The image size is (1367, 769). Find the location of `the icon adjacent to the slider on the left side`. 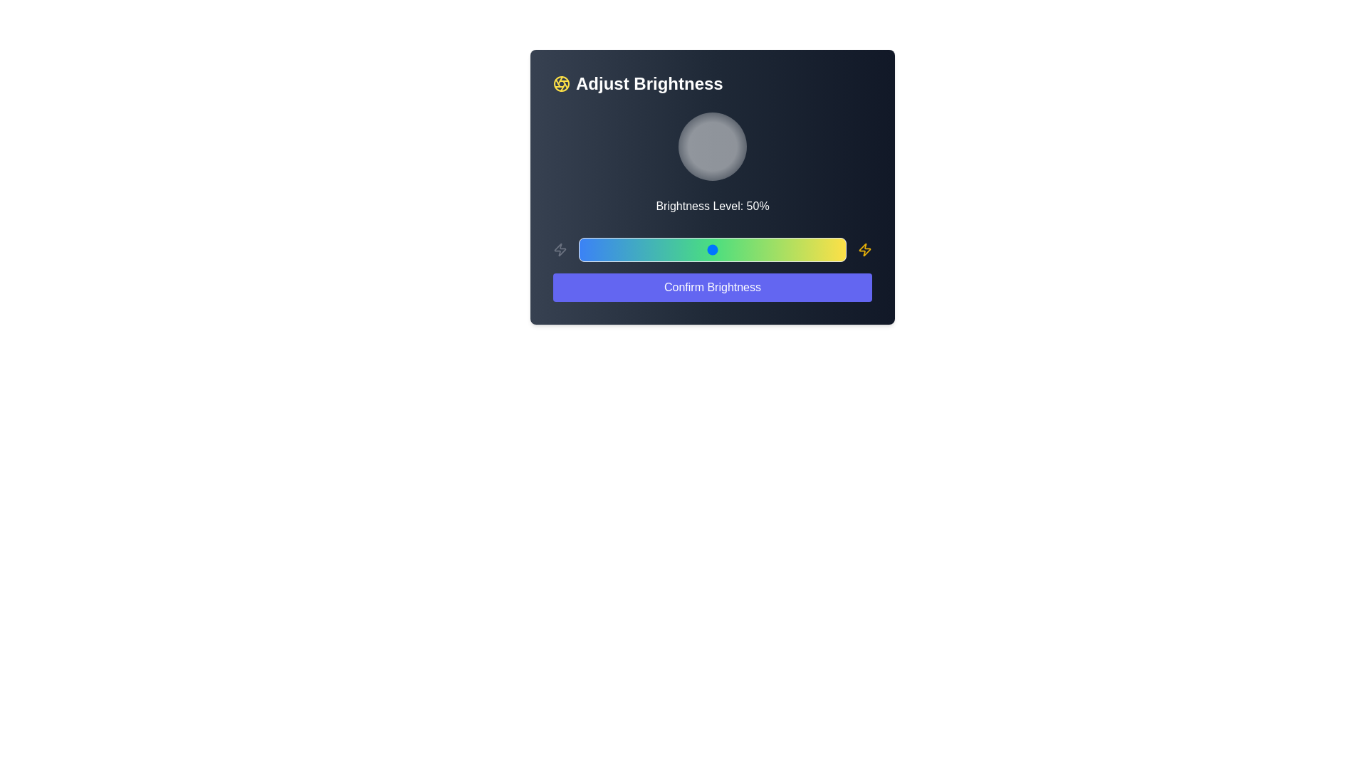

the icon adjacent to the slider on the left side is located at coordinates (560, 249).